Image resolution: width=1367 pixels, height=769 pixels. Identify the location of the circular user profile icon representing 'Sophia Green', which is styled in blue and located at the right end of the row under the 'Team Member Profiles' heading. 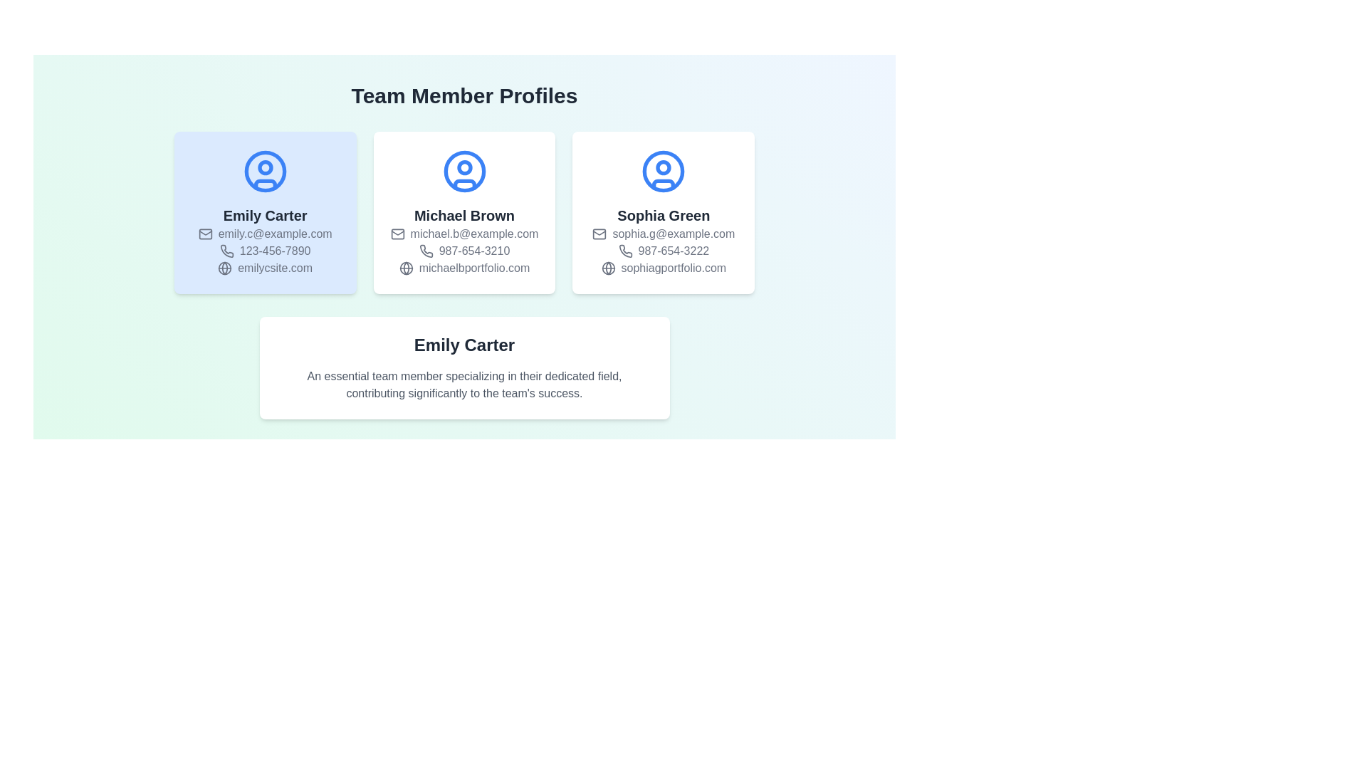
(663, 170).